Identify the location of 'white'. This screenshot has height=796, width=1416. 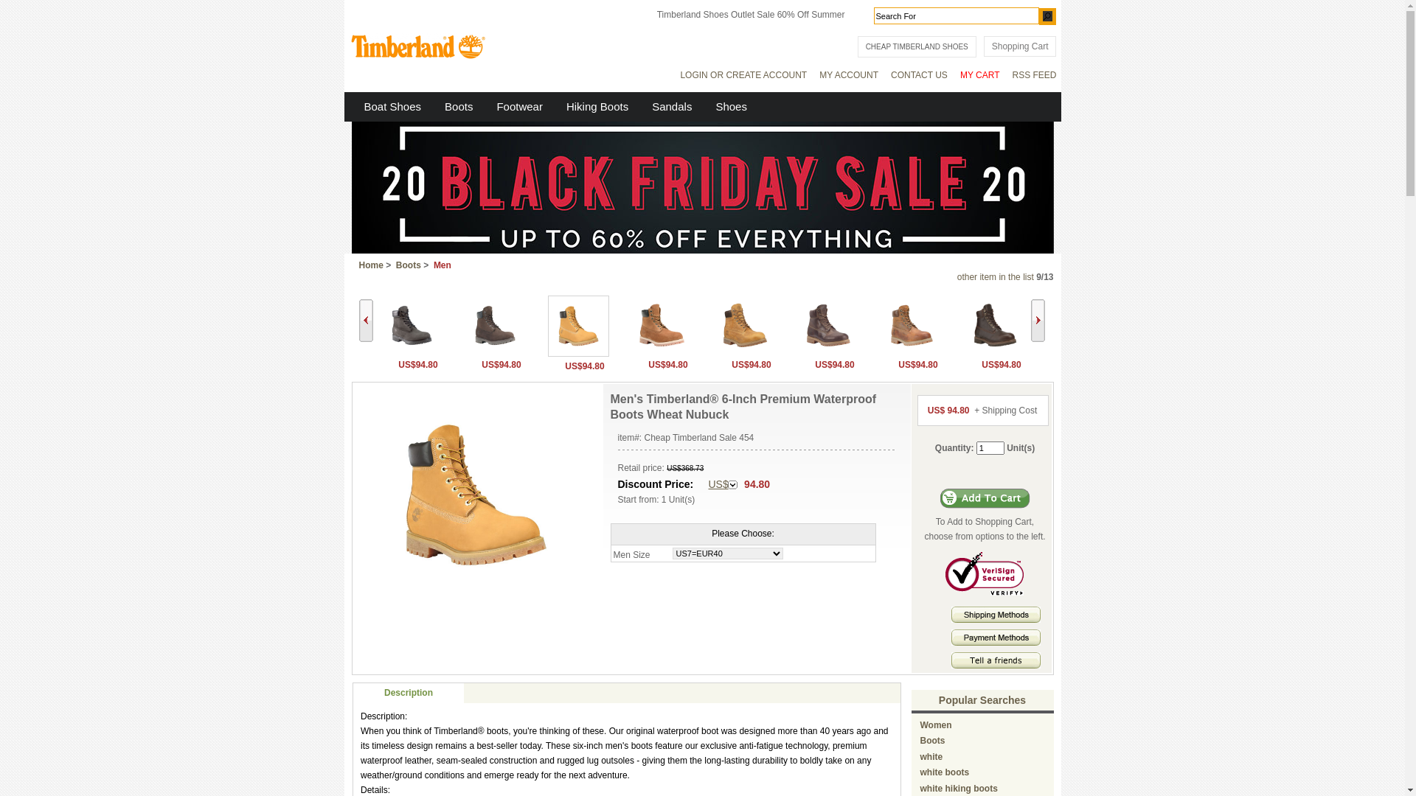
(931, 756).